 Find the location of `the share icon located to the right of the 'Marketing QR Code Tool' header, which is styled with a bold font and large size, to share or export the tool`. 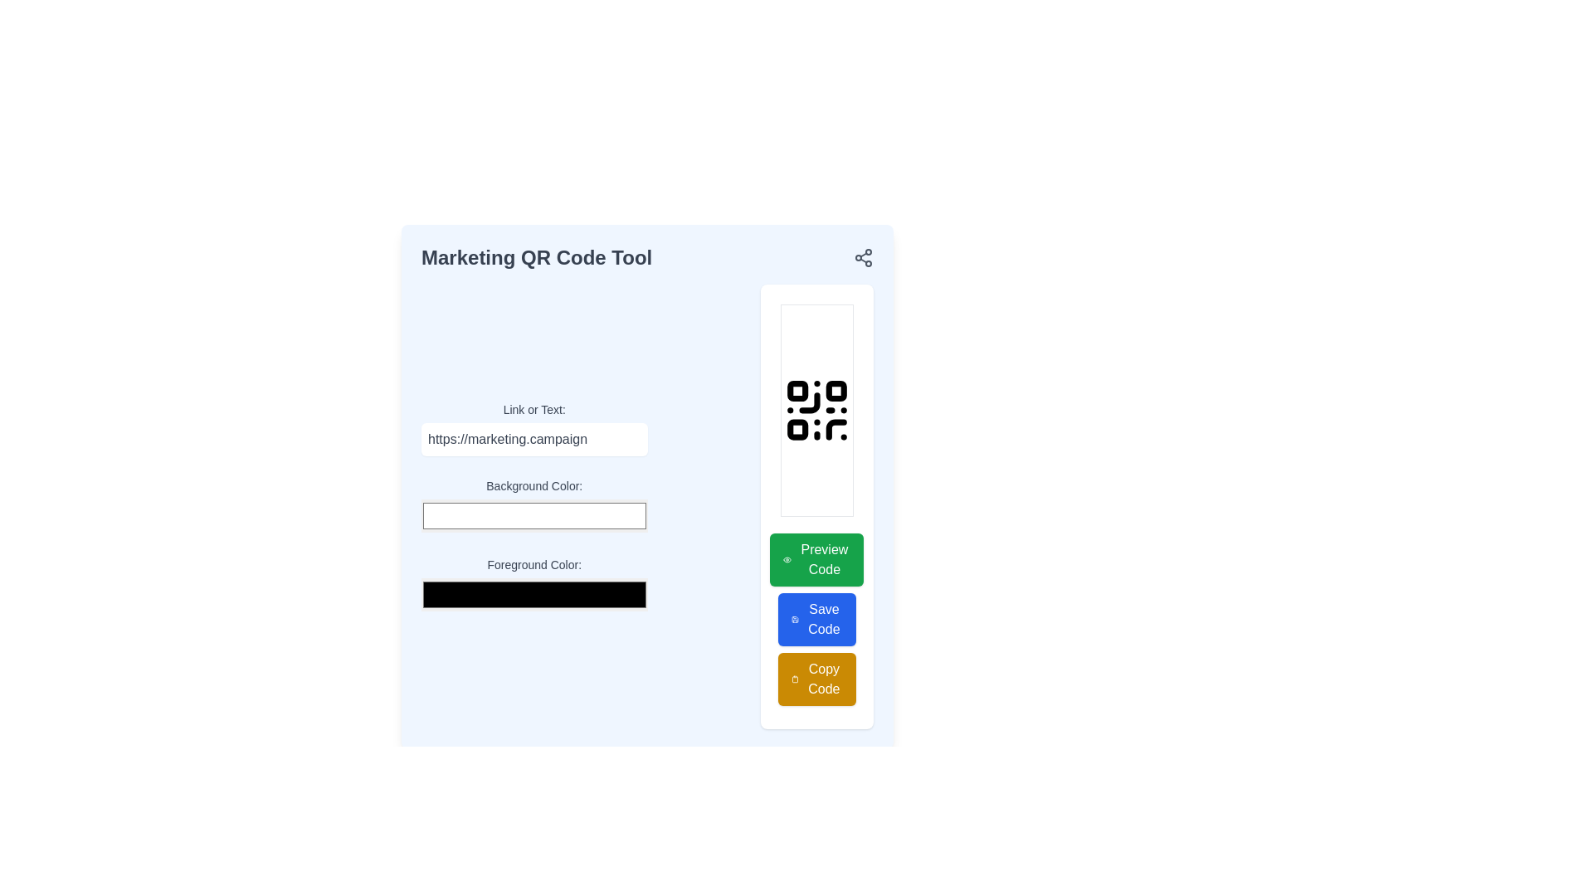

the share icon located to the right of the 'Marketing QR Code Tool' header, which is styled with a bold font and large size, to share or export the tool is located at coordinates (646, 258).